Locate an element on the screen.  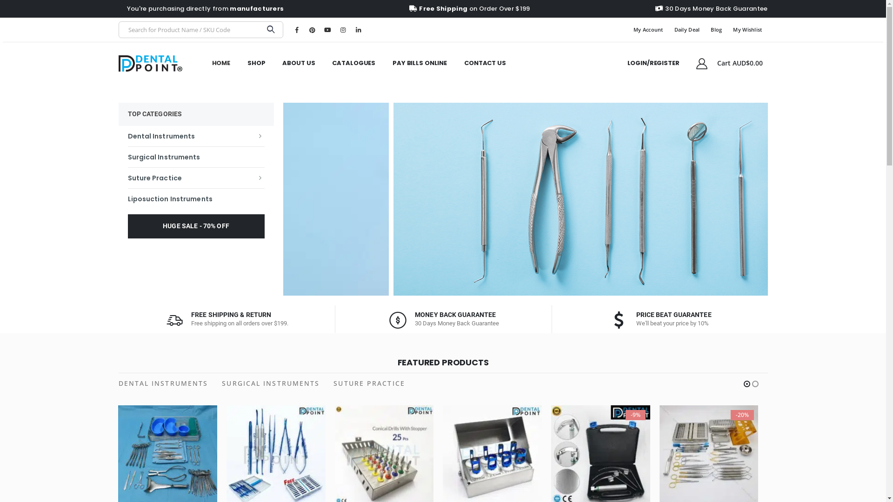
'Pinterest' is located at coordinates (306, 29).